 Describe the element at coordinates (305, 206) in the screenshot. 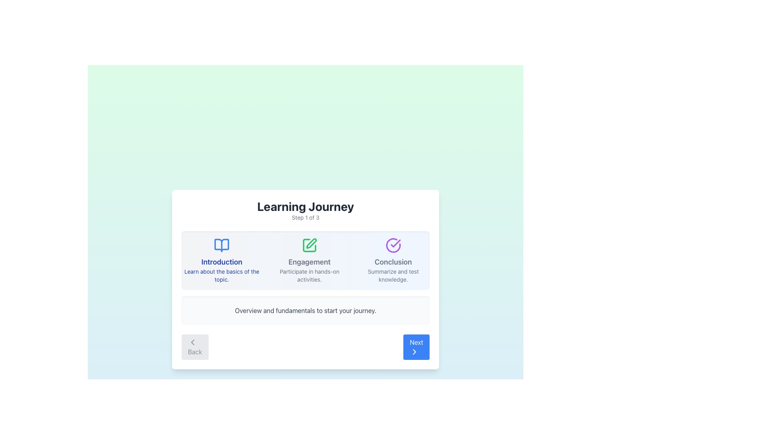

I see `the title text element located at the top-center of the page, which provides context for the user about the interface` at that location.